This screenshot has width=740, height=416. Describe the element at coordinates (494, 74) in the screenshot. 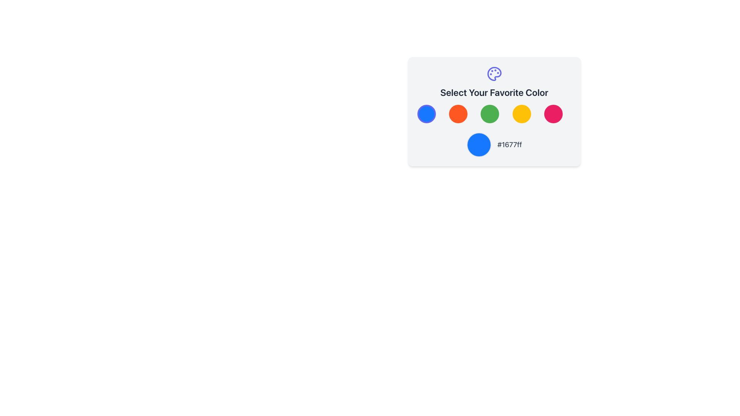

I see `the colorful painter's palette icon located at the top of the card above the text 'Select Your Favorite Color'` at that location.